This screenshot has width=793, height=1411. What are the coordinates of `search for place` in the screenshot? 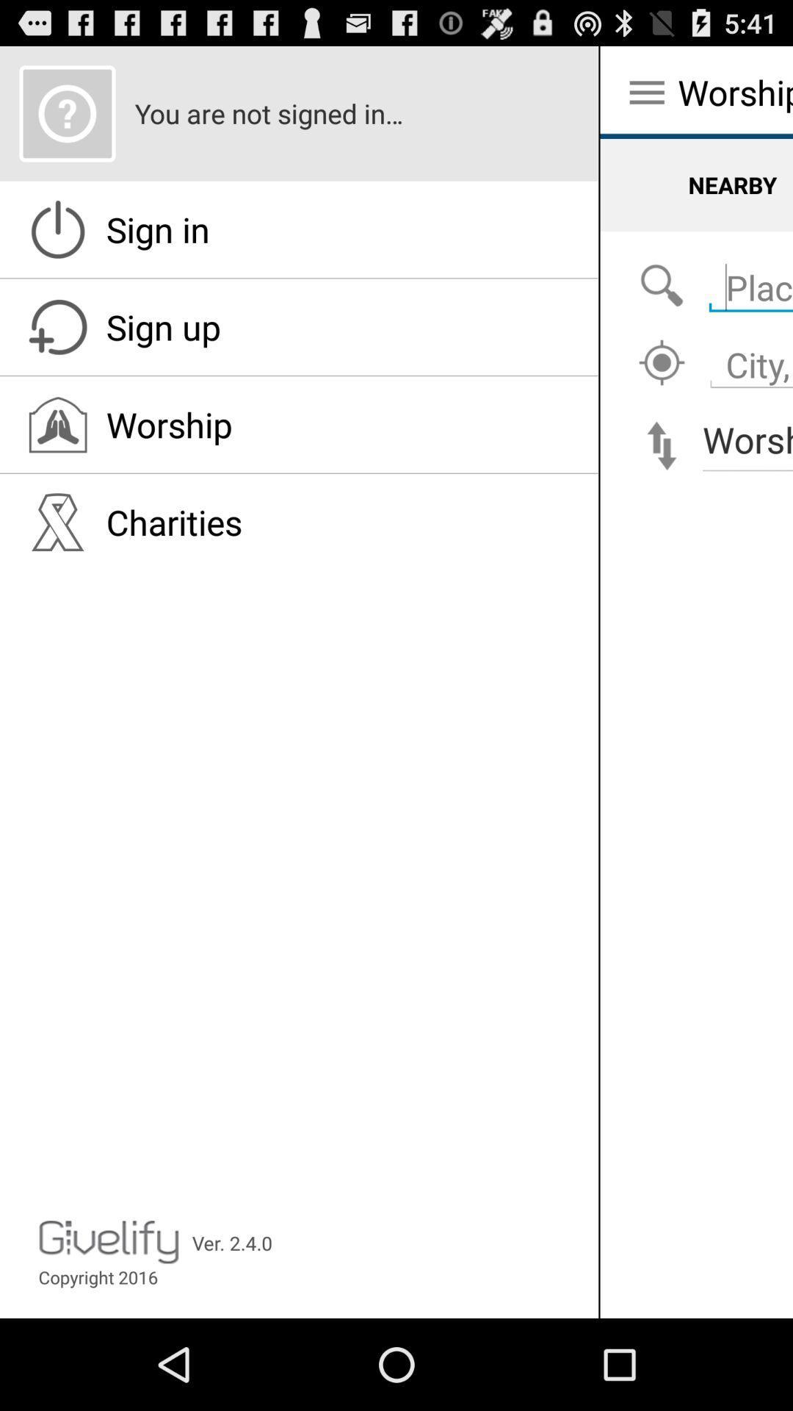 It's located at (747, 279).